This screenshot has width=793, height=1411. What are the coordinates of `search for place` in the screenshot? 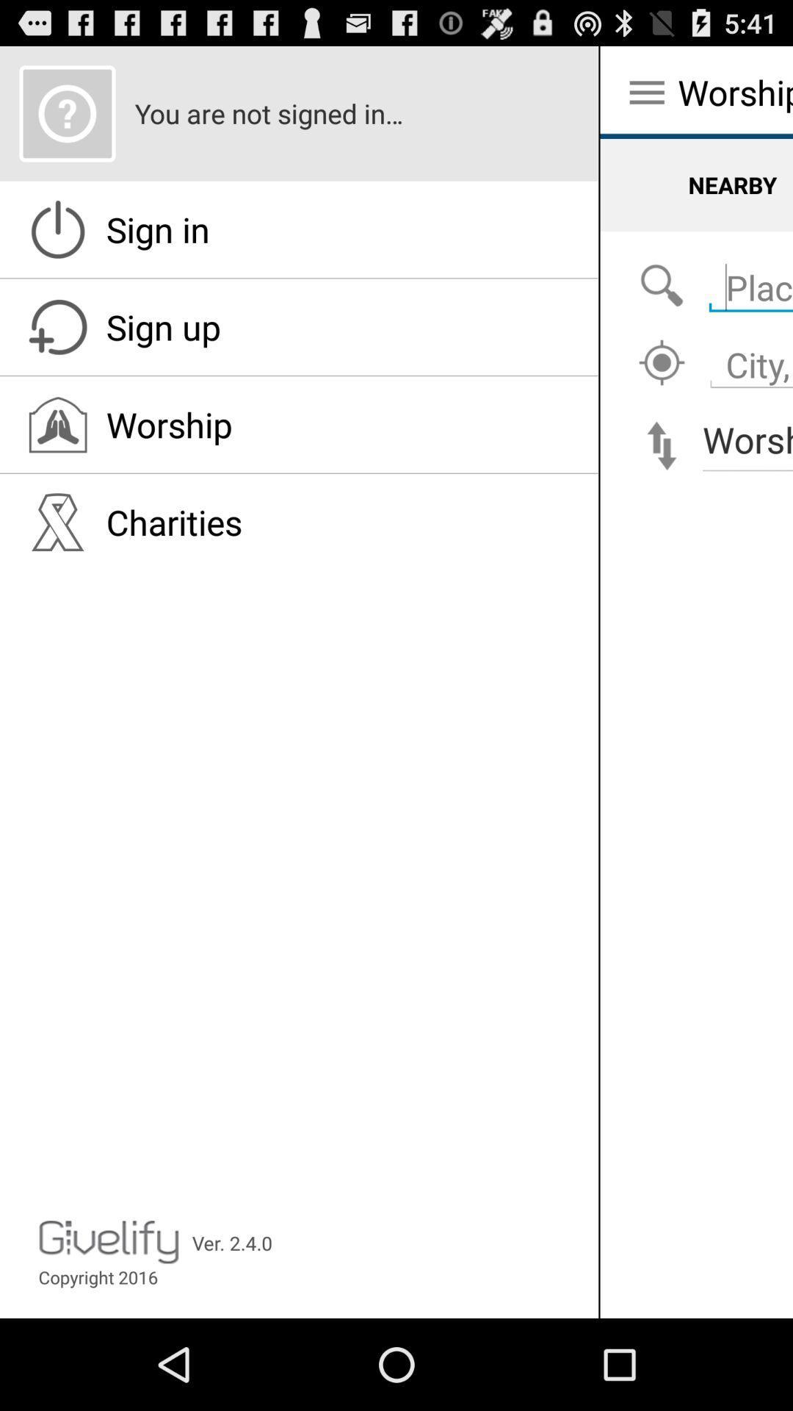 It's located at (747, 279).